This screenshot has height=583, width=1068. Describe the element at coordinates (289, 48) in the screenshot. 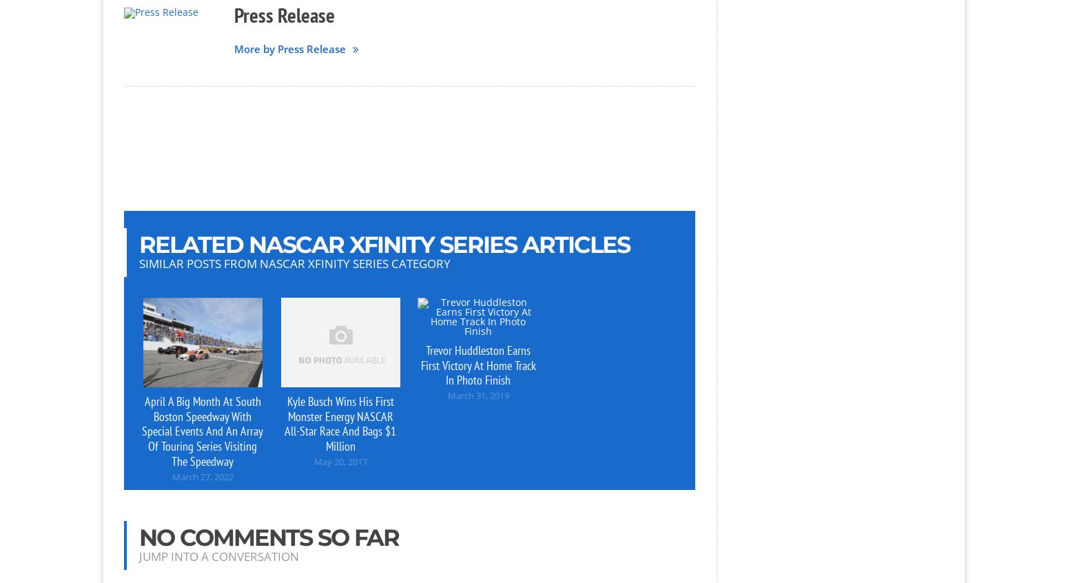

I see `'More by Press Release'` at that location.